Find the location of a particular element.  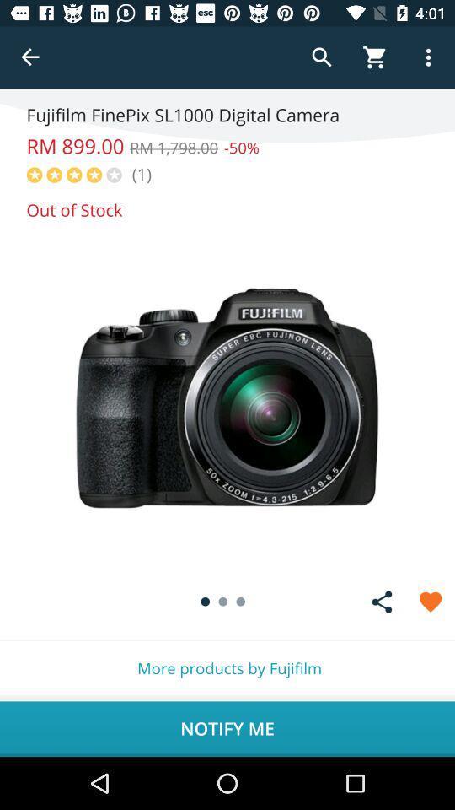

share picture is located at coordinates (382, 602).